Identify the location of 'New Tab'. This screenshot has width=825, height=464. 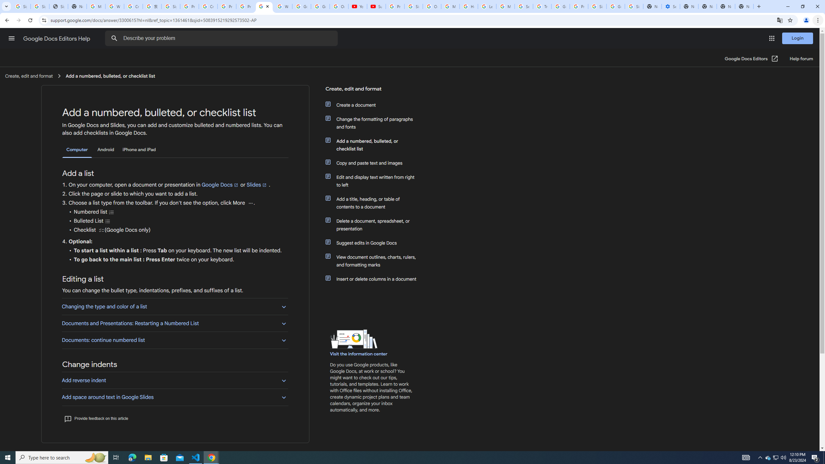
(758, 6).